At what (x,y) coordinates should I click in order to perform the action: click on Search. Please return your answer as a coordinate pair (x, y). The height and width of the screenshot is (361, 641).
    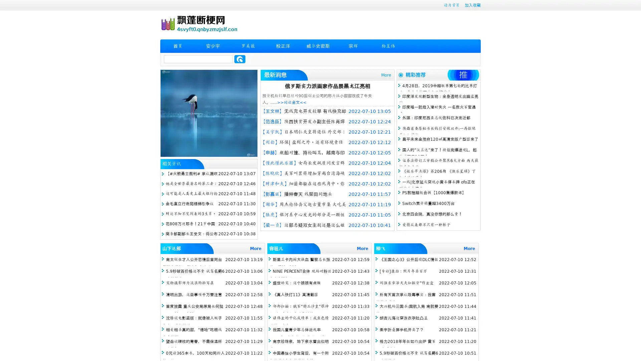
    Looking at the image, I should click on (240, 59).